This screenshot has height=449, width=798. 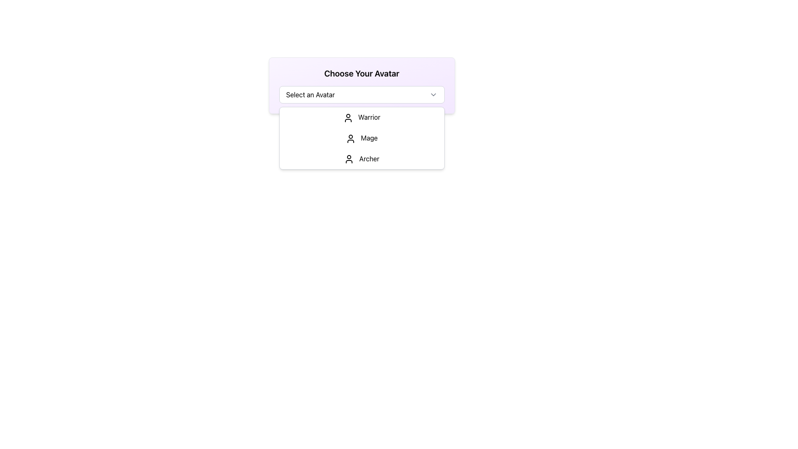 I want to click on the person icon in the dropdown menu, so click(x=351, y=138).